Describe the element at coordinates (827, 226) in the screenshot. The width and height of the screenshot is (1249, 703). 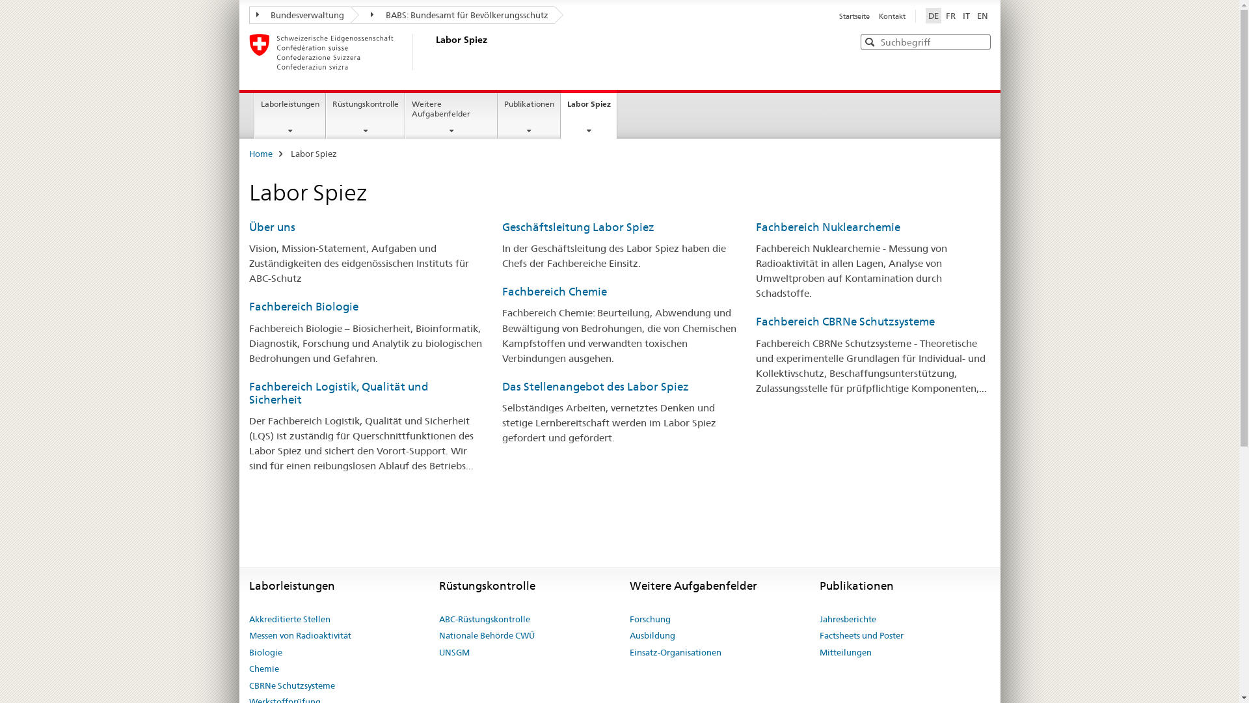
I see `'Fachbereich Nuklearchemie'` at that location.